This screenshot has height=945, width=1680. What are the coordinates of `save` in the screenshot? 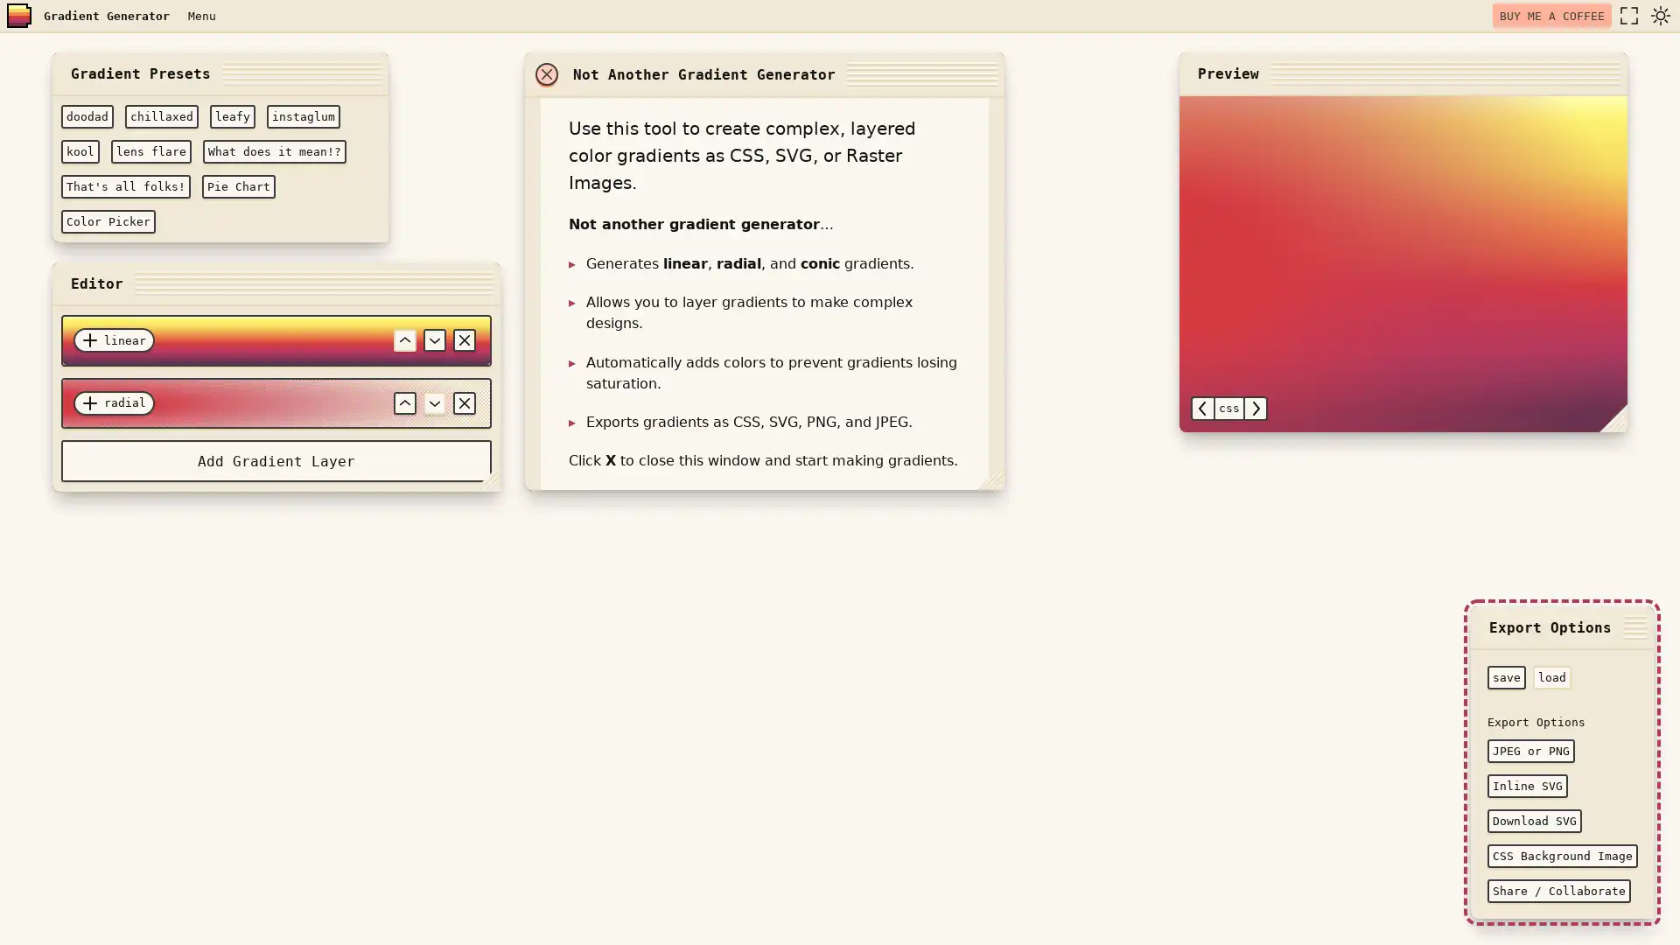 It's located at (1505, 676).